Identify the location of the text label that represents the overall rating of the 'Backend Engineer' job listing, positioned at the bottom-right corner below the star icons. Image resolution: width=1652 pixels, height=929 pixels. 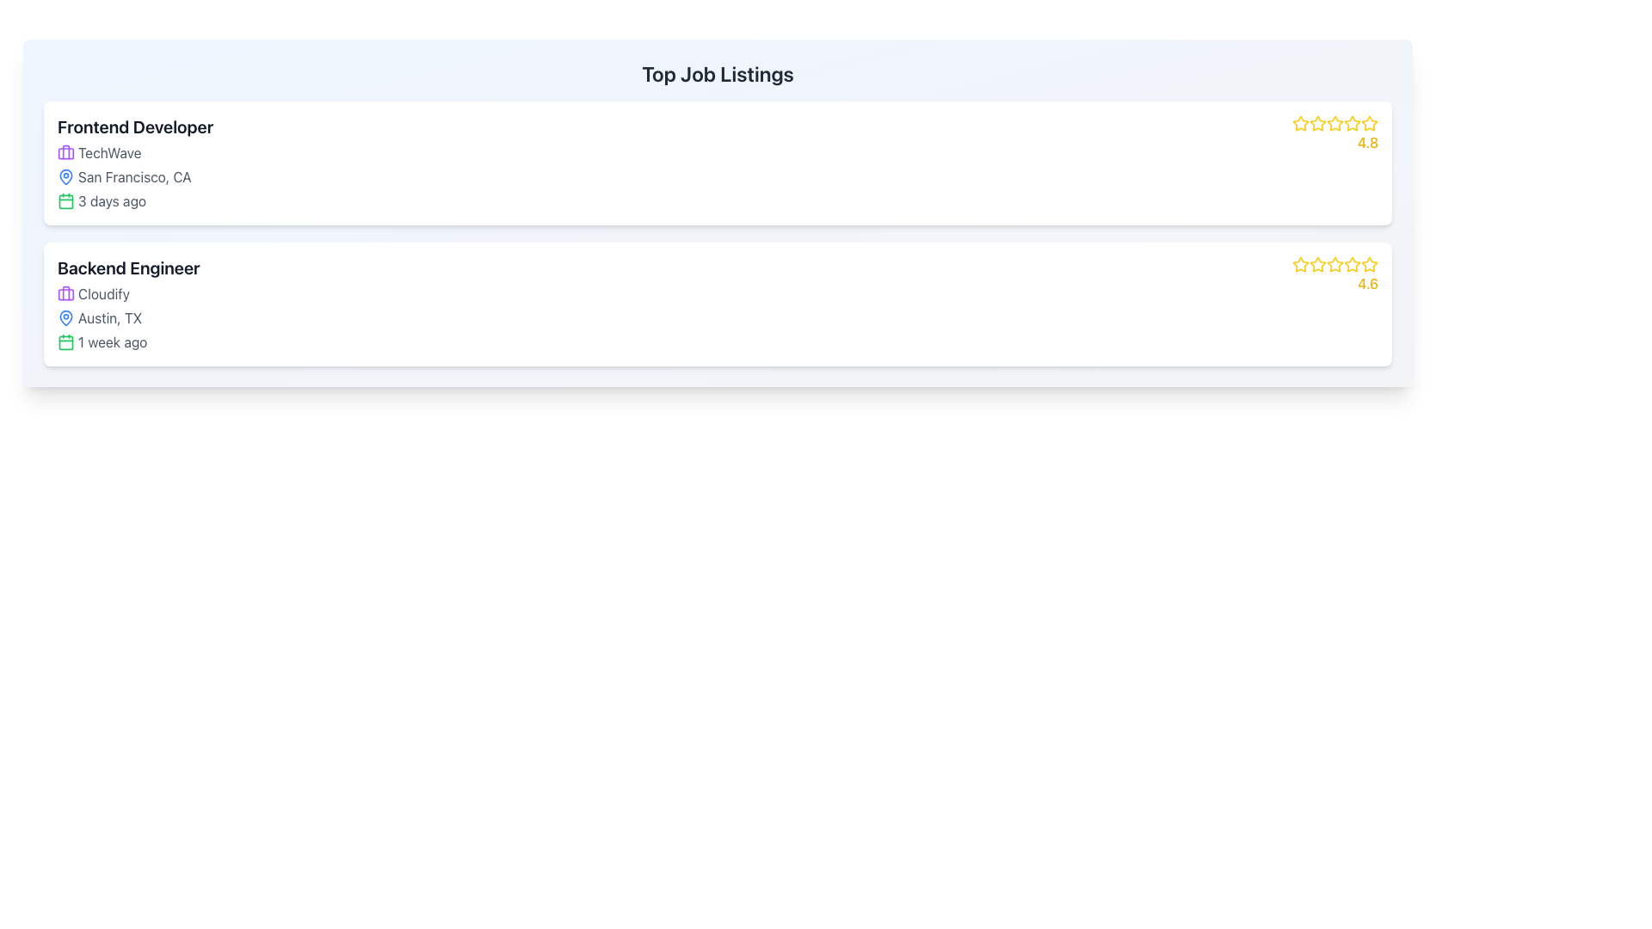
(1366, 283).